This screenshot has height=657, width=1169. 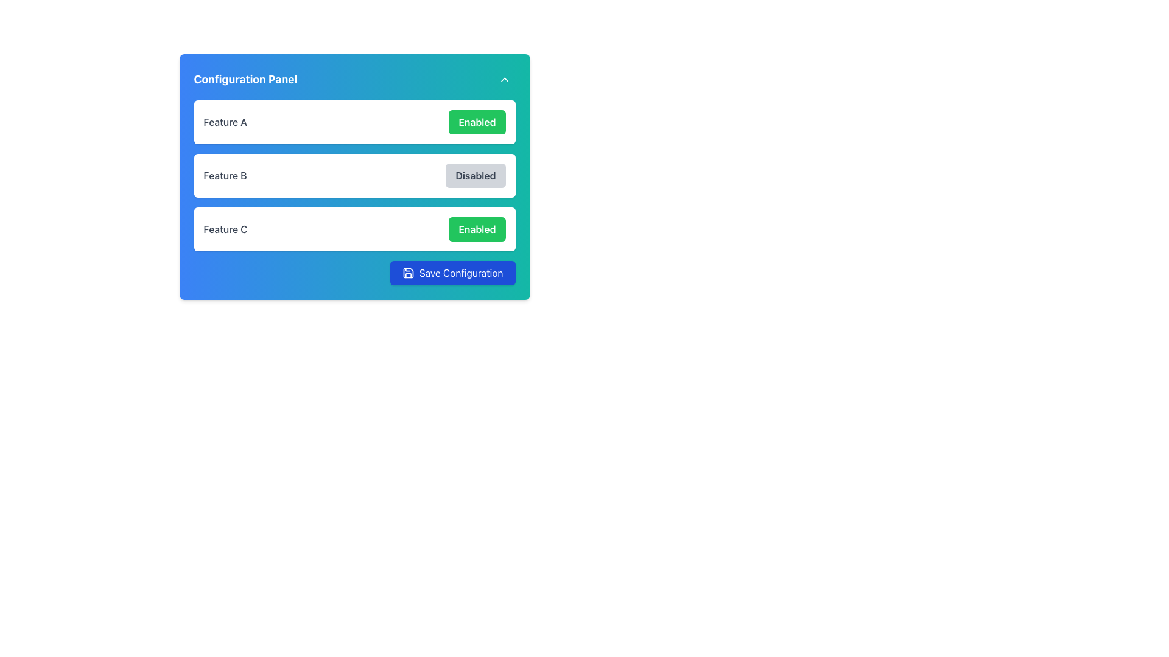 What do you see at coordinates (354, 122) in the screenshot?
I see `the Interactive status indicator for 'Feature A', which displays its status as 'Enabled' and allows toggling this status` at bounding box center [354, 122].